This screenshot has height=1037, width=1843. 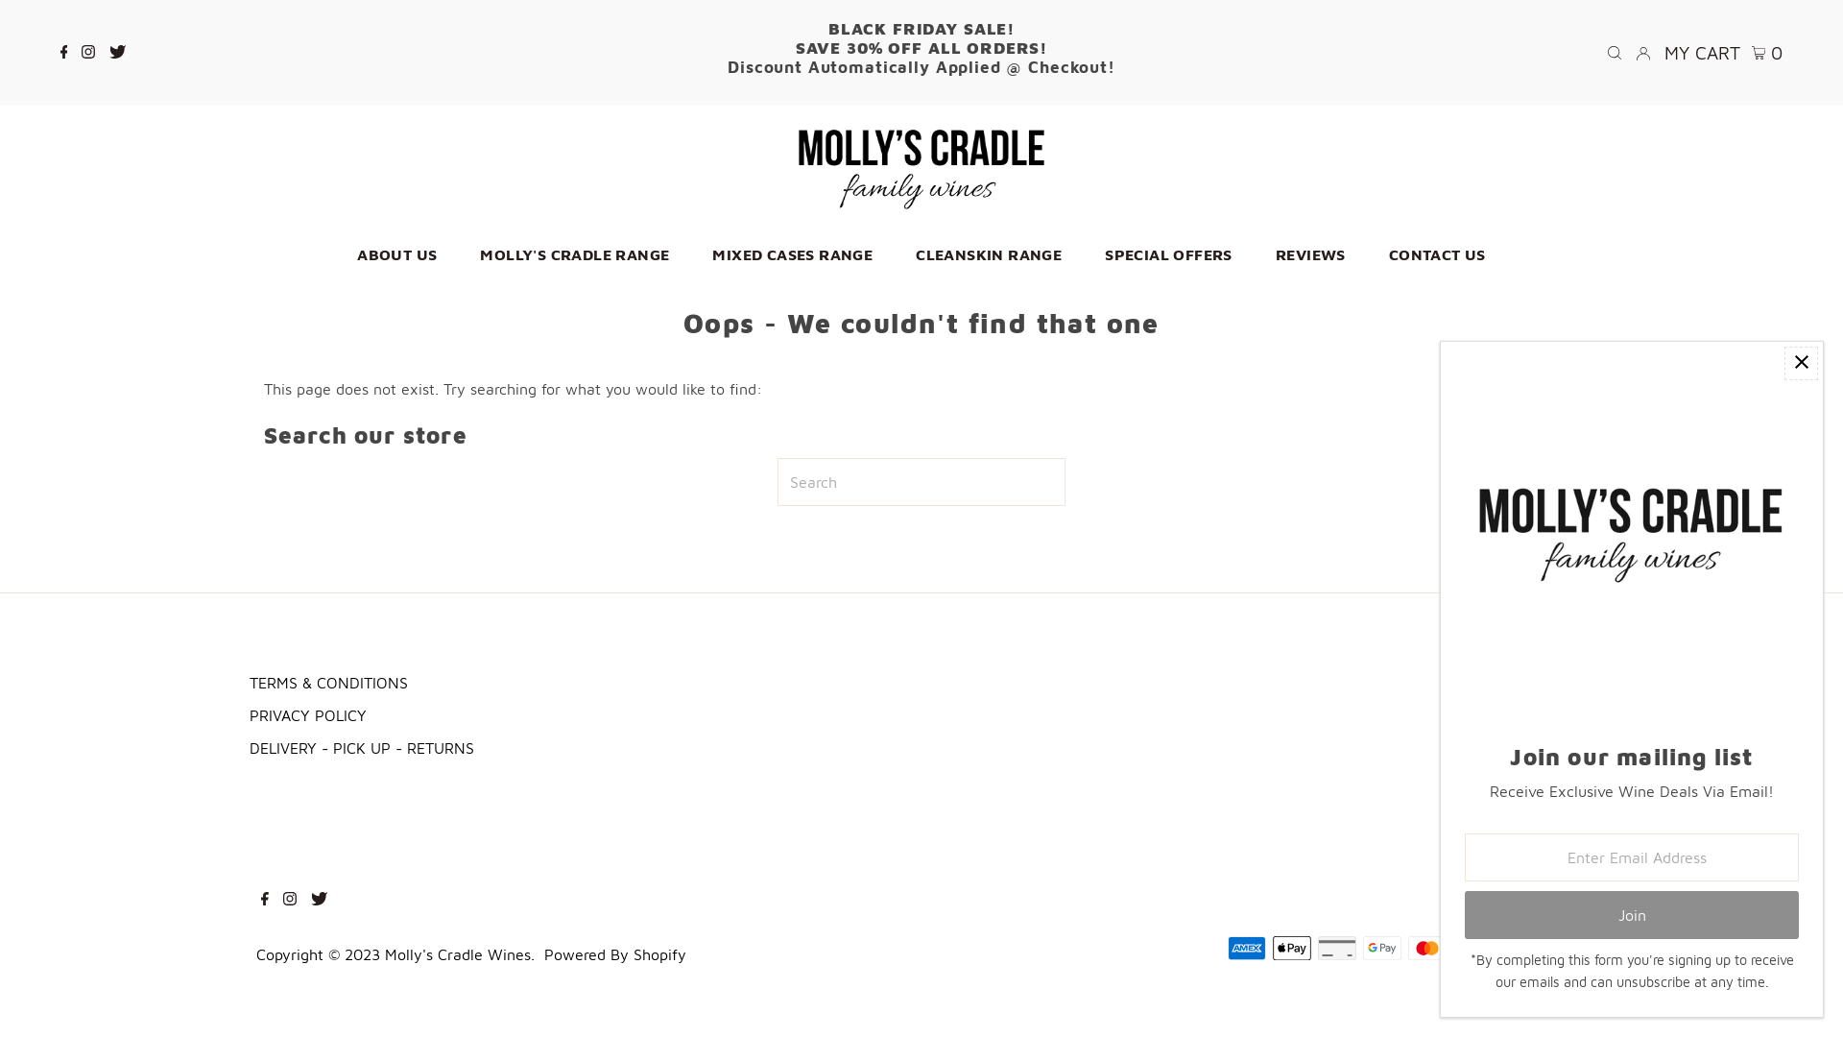 What do you see at coordinates (1437, 253) in the screenshot?
I see `'CONTACT US'` at bounding box center [1437, 253].